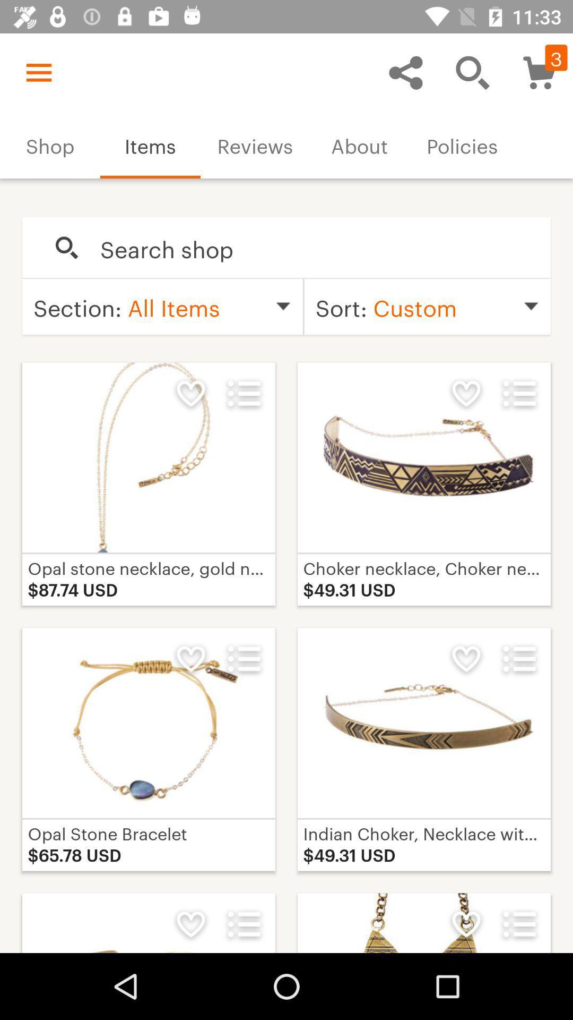 The height and width of the screenshot is (1020, 573). What do you see at coordinates (314, 248) in the screenshot?
I see `the text to search` at bounding box center [314, 248].